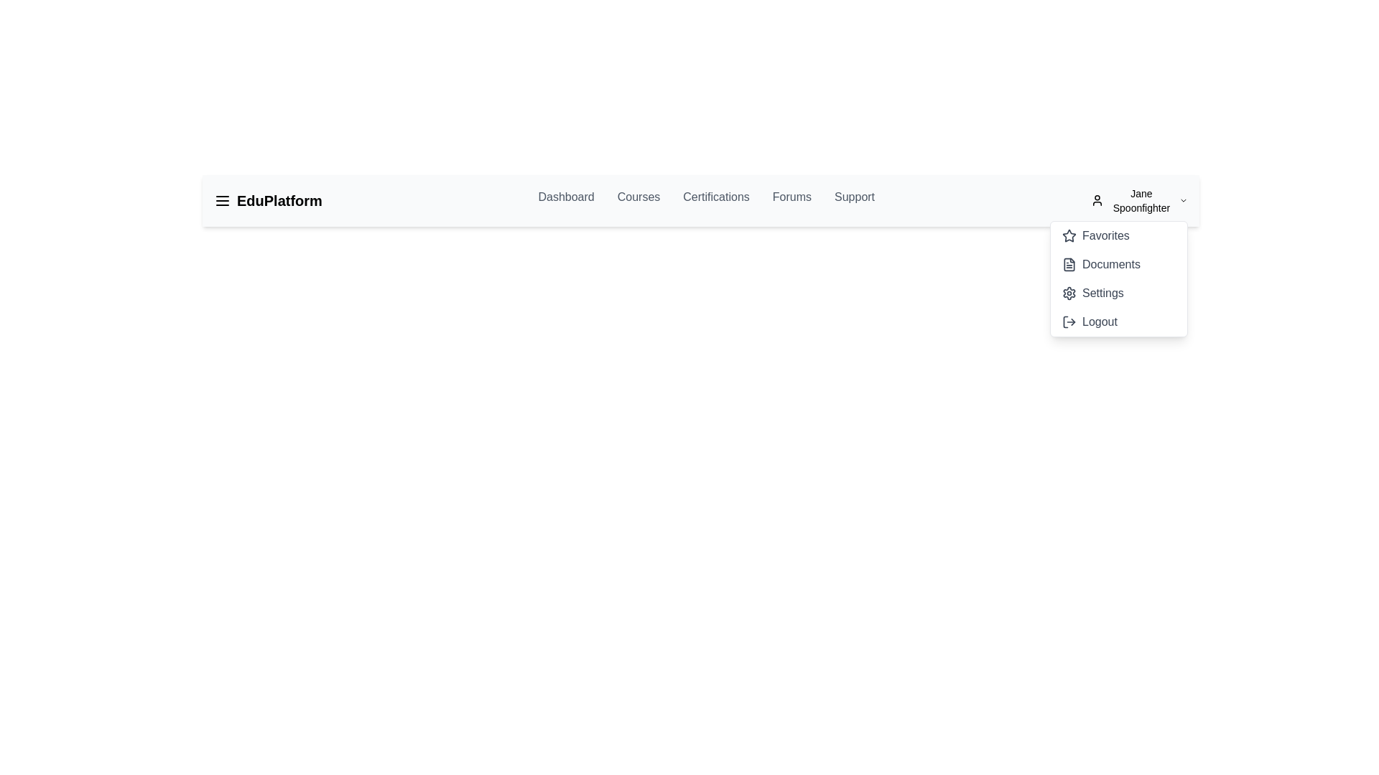  Describe the element at coordinates (1118, 279) in the screenshot. I see `the second item in the dropdown menu located in the top-right corner below the user profile 'Jane Spoonfighter'` at that location.